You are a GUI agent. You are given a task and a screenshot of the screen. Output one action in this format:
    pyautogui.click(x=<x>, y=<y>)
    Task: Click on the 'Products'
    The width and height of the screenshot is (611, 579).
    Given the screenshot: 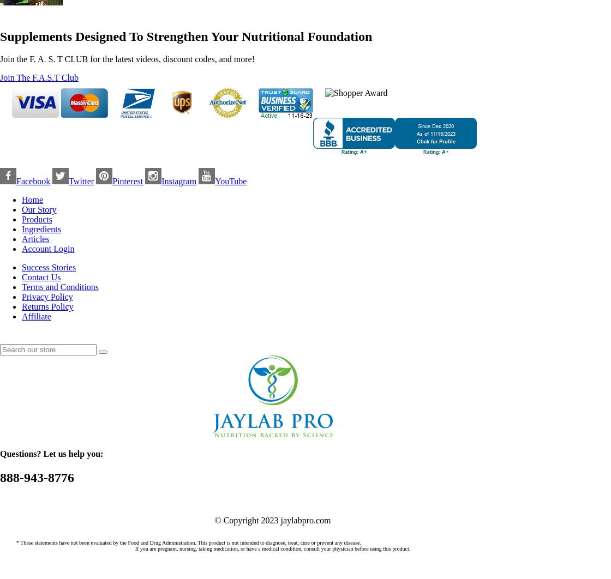 What is the action you would take?
    pyautogui.click(x=37, y=219)
    